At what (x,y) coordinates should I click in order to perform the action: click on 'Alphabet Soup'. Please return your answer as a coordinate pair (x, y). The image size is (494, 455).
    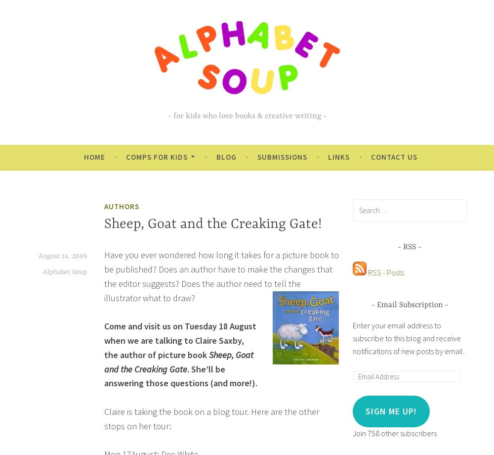
    Looking at the image, I should click on (65, 272).